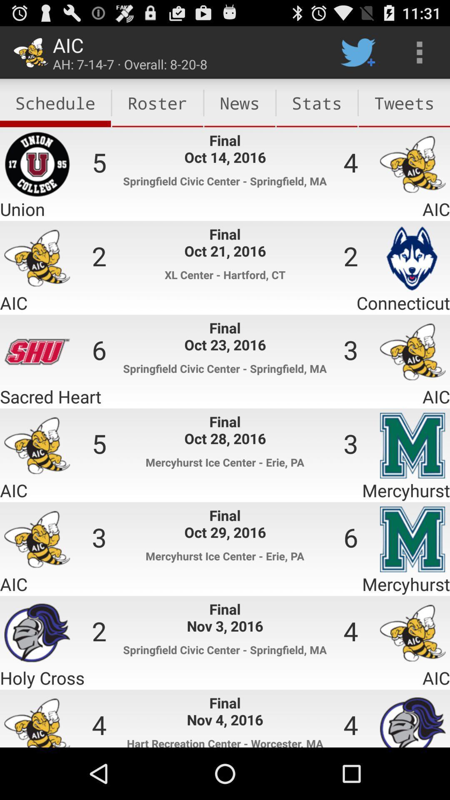  I want to click on icon next to 4 app, so click(404, 102).